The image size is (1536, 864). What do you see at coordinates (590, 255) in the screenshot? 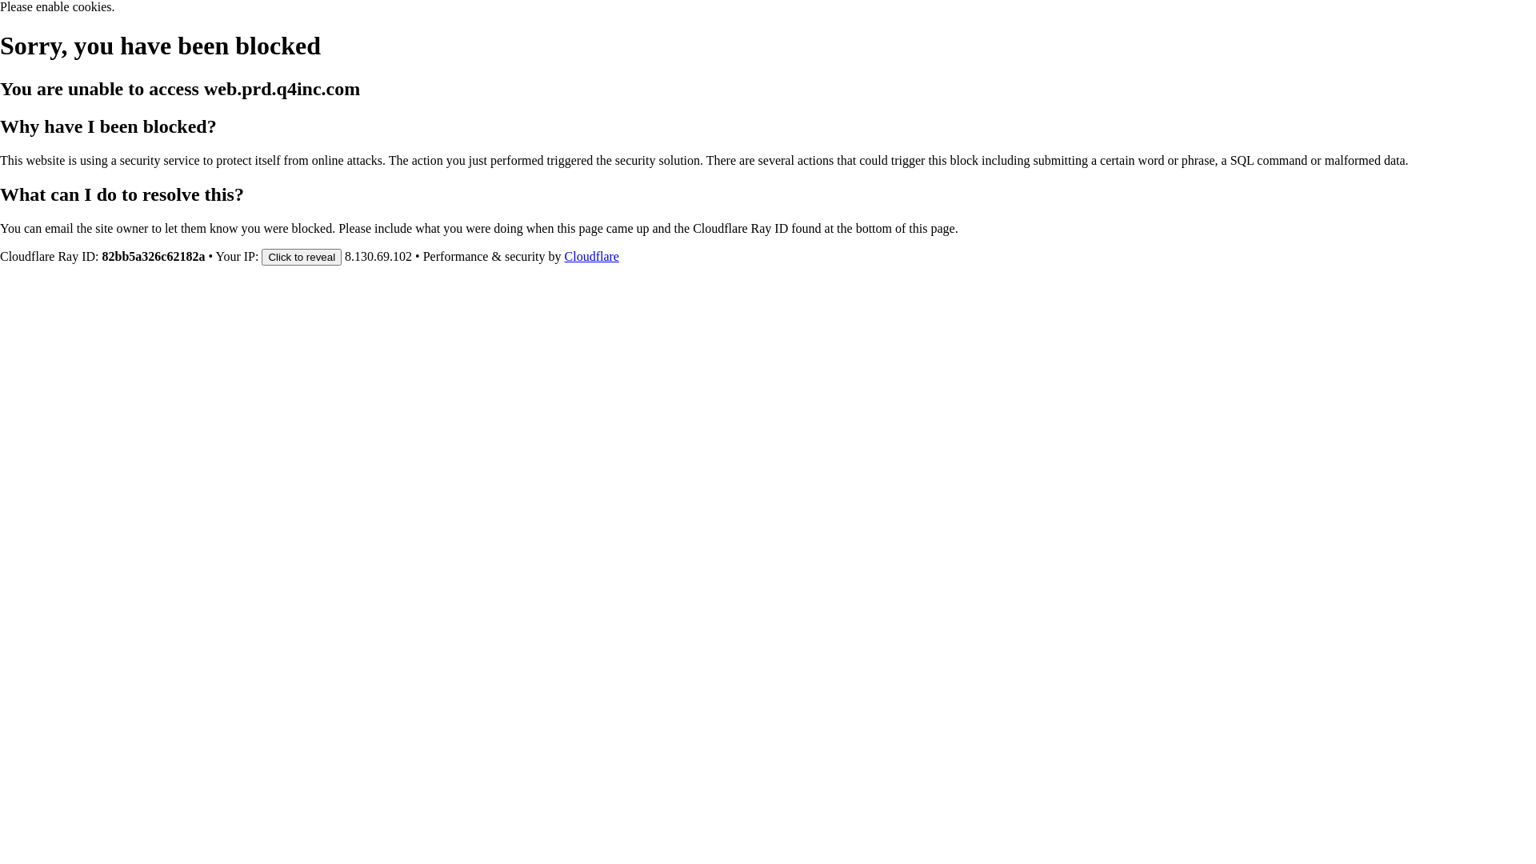
I see `'Cloudflare'` at bounding box center [590, 255].